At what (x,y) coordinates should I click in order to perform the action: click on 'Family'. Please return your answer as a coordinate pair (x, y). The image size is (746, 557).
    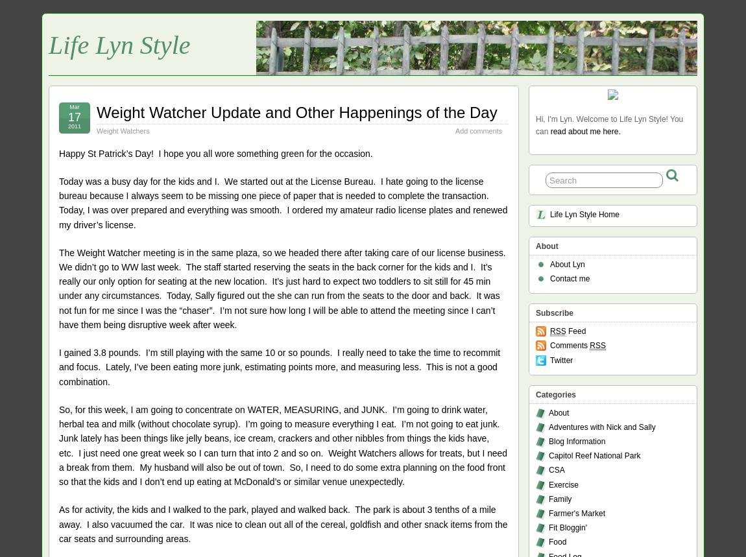
    Looking at the image, I should click on (560, 498).